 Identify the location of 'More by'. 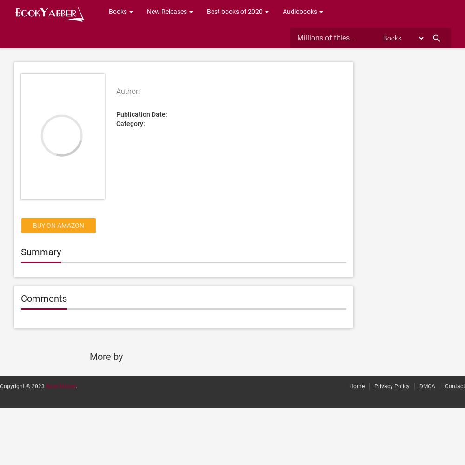
(89, 357).